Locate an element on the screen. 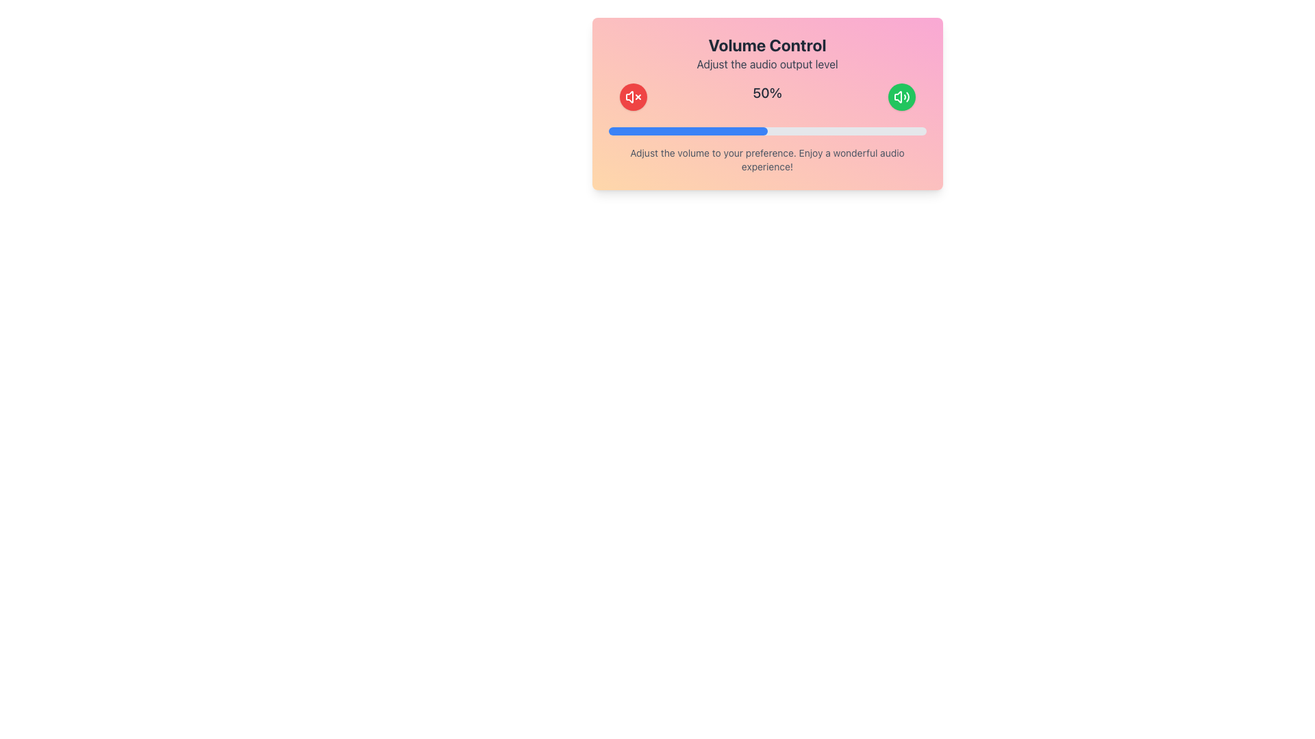  the speaker icon with sound waves is located at coordinates (897, 96).